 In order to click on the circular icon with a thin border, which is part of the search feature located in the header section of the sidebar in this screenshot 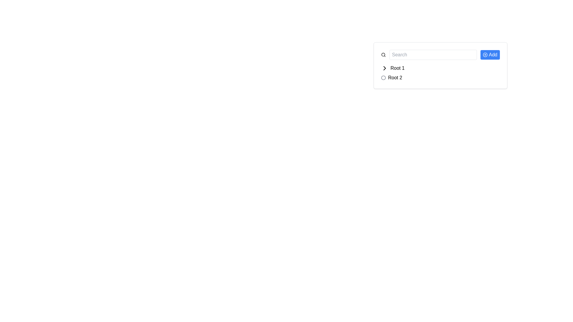, I will do `click(383, 55)`.